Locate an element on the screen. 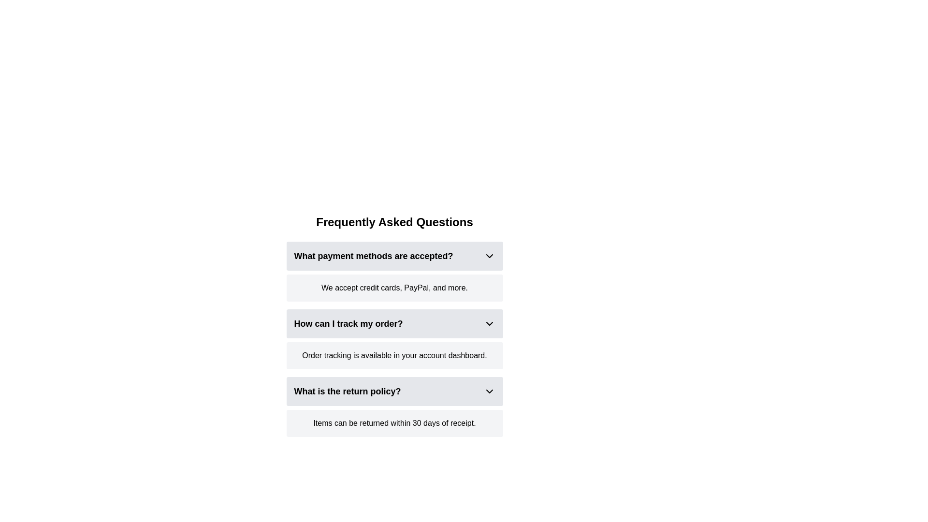 The width and height of the screenshot is (928, 522). the title of the FAQ entry labeled 'What payment methods are accepted?' is located at coordinates (394, 272).